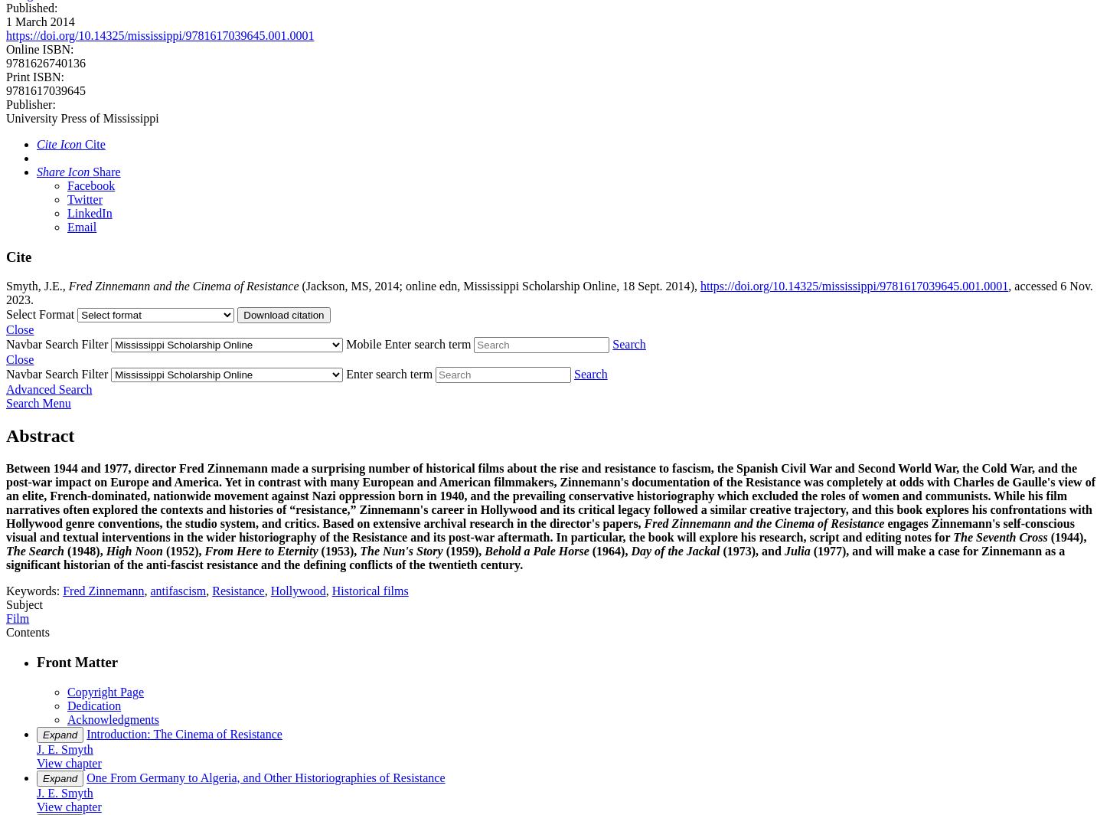 This screenshot has height=815, width=1110. What do you see at coordinates (796, 551) in the screenshot?
I see `'Julia'` at bounding box center [796, 551].